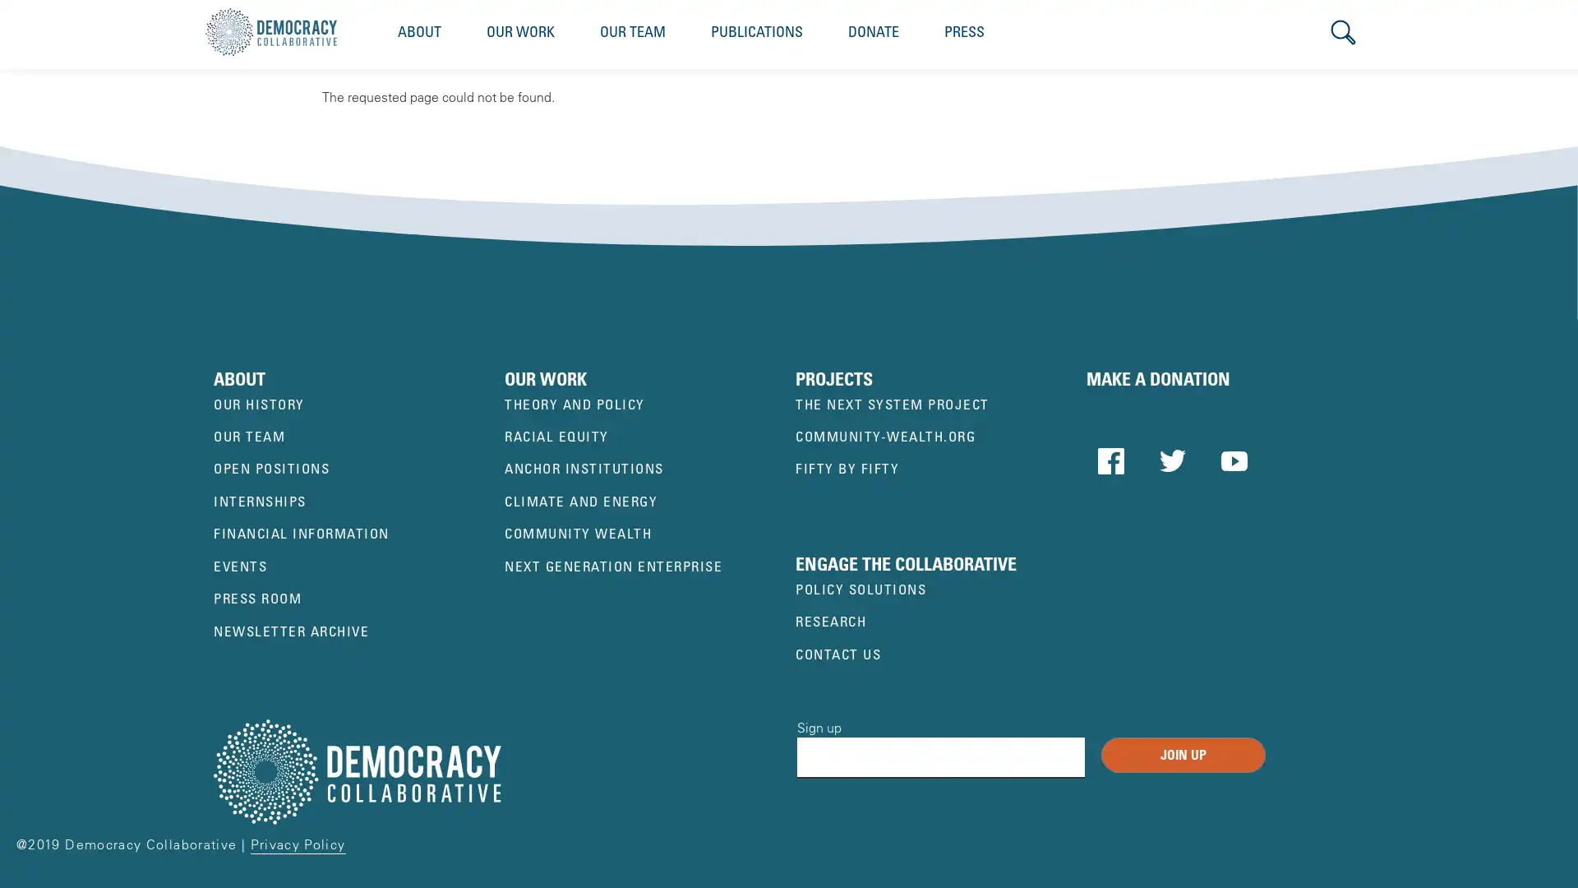 This screenshot has height=888, width=1578. I want to click on Join up, so click(1183, 755).